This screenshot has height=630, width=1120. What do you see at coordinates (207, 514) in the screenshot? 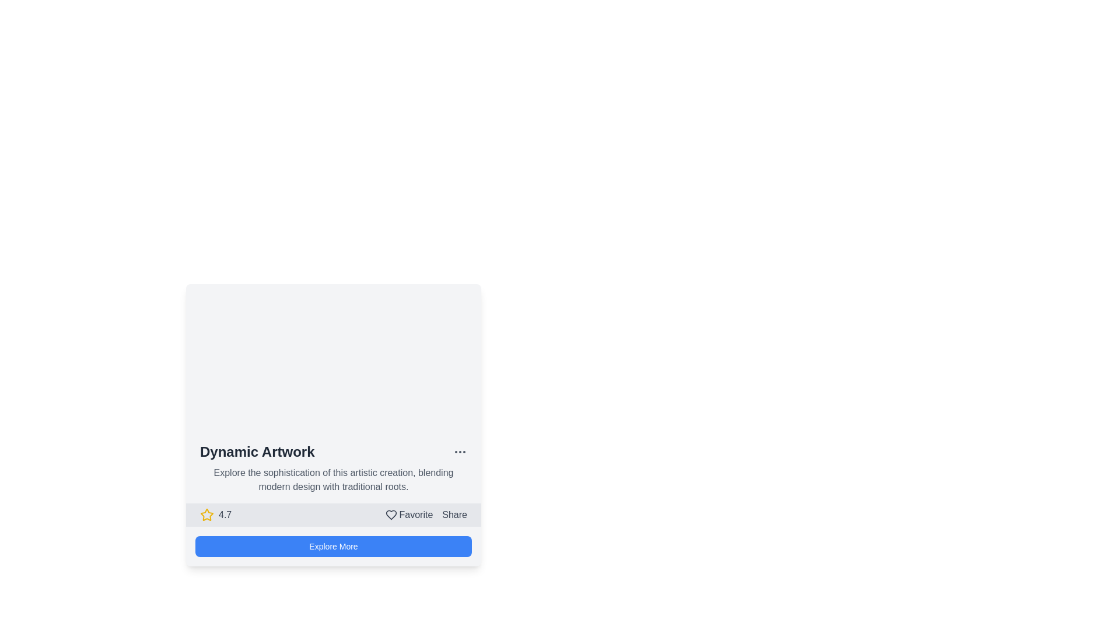
I see `the star icon representing a rating indicator, which is positioned to the left of the text '4.7' in the card layout` at bounding box center [207, 514].